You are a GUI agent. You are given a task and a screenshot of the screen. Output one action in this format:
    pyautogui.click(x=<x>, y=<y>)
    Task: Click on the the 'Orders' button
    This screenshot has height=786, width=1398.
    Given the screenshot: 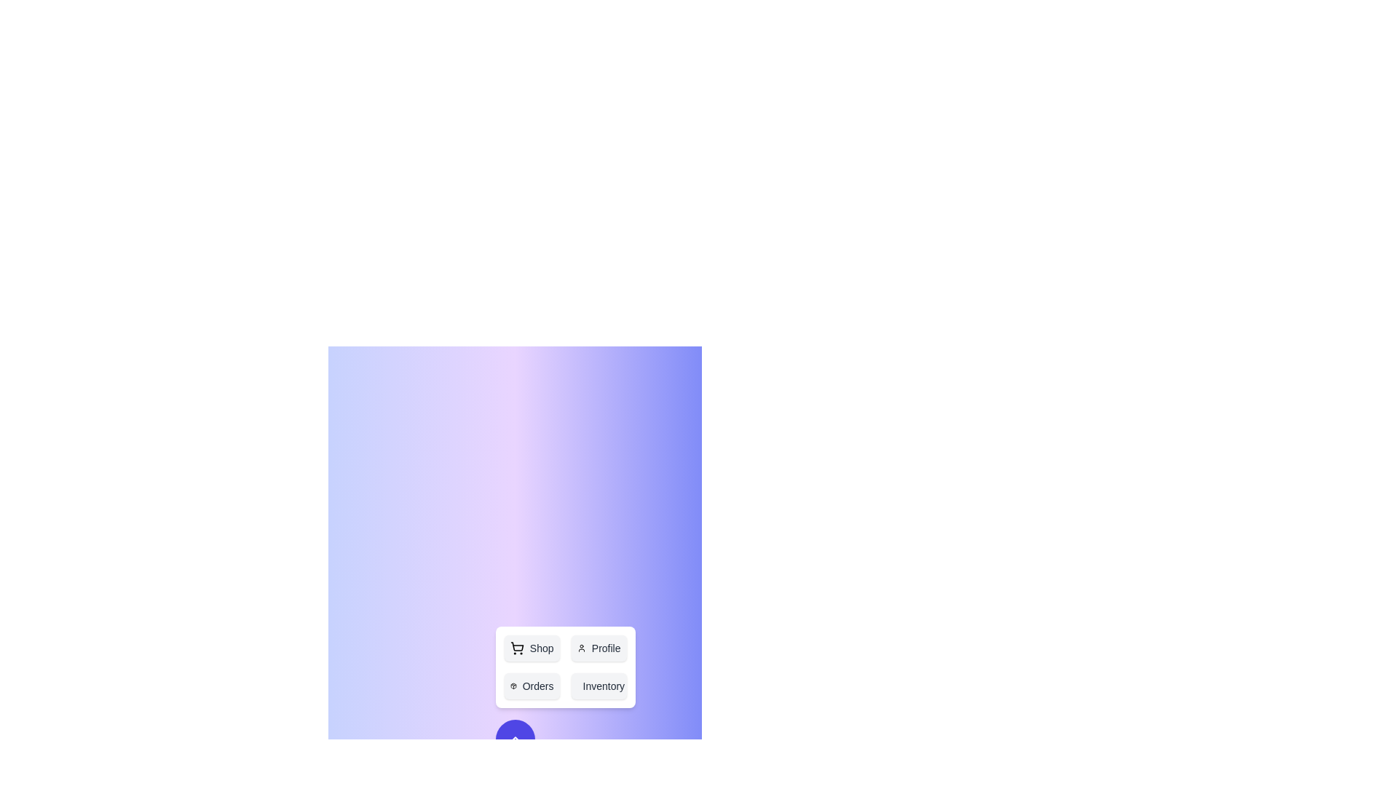 What is the action you would take?
    pyautogui.click(x=531, y=686)
    